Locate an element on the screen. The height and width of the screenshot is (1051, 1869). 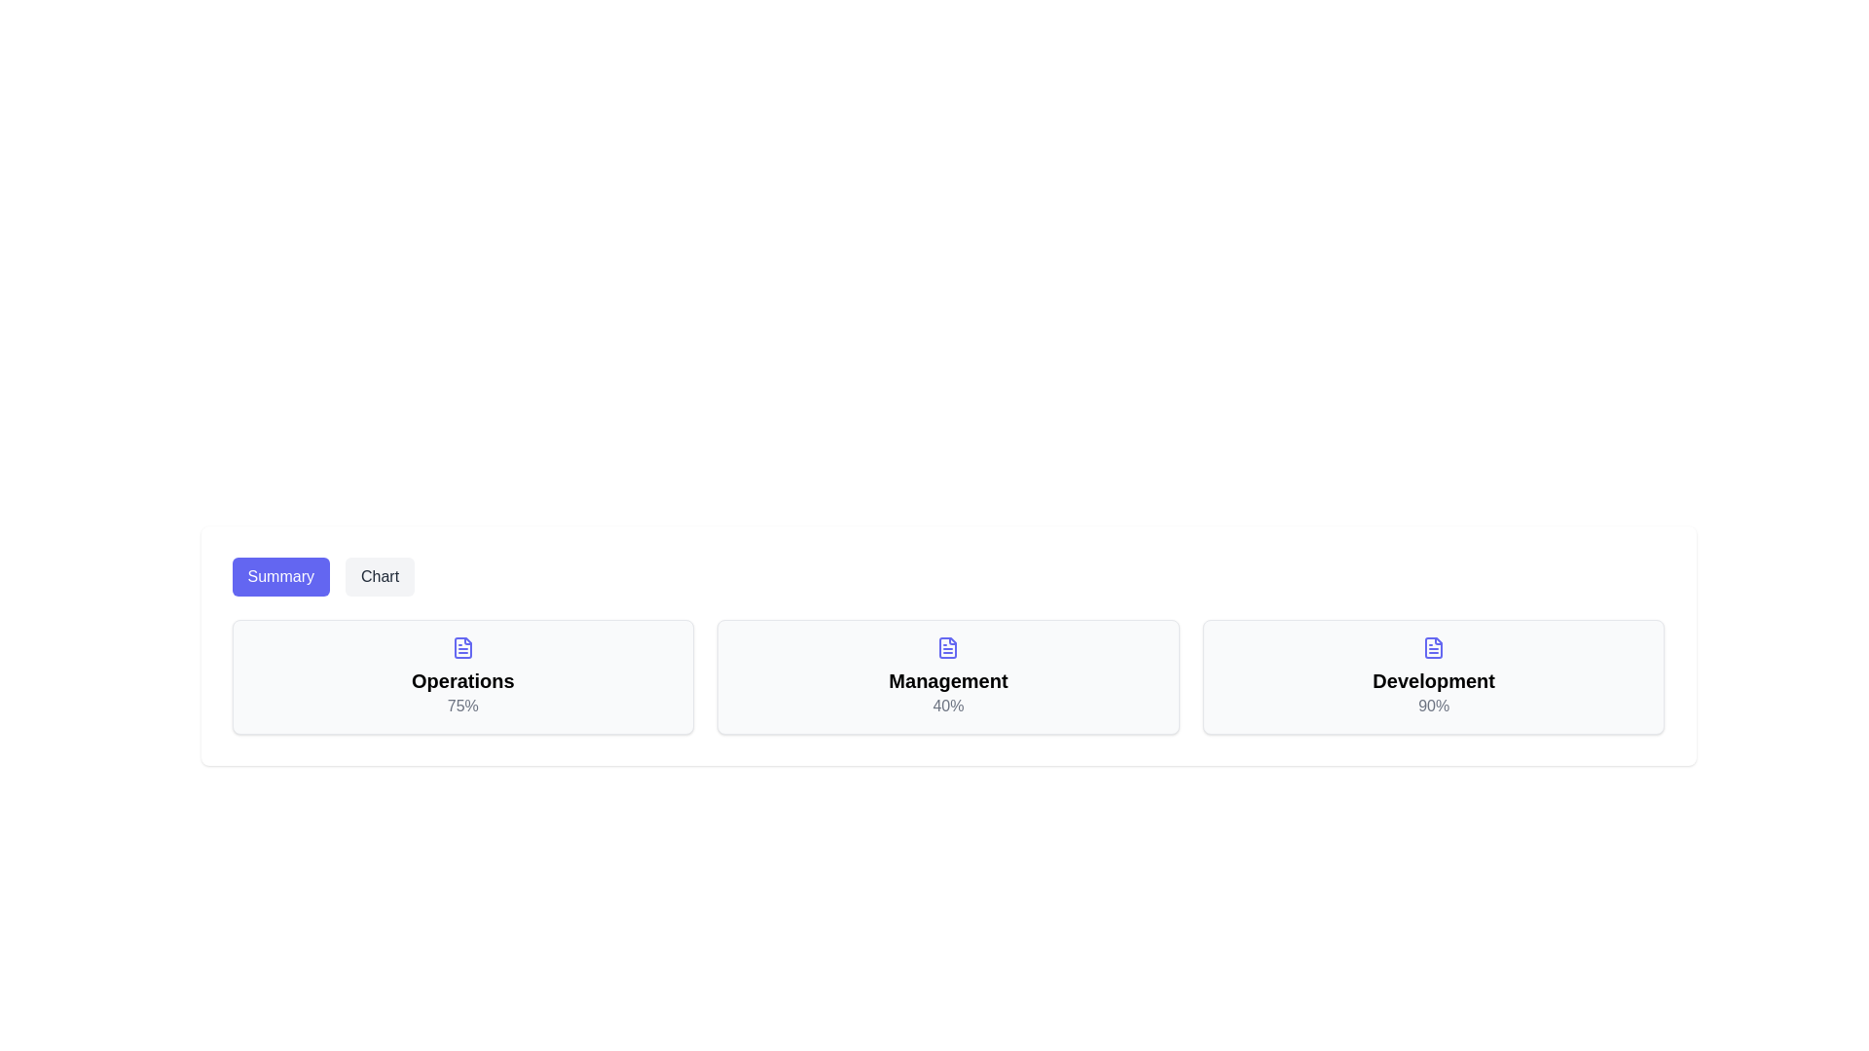
header text labeled 'Management' which is located in the middle tile of a horizontal row of three tiles, positioned at the center below an icon and above '40%' is located at coordinates (948, 679).